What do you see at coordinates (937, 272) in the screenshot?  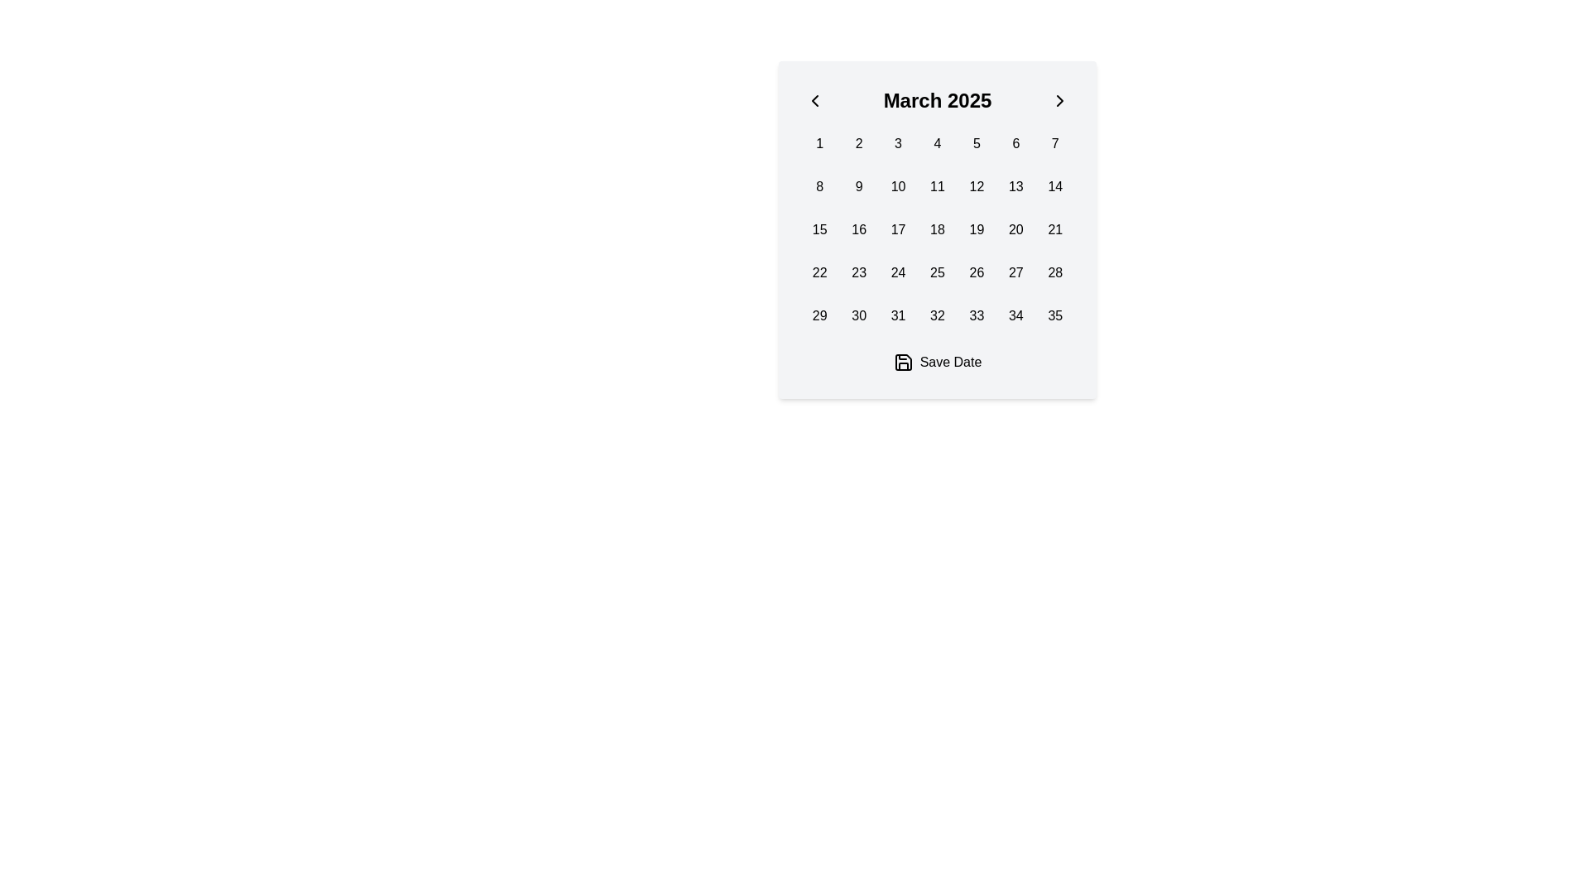 I see `the button for the 25th day in the calendar grid of March 2025` at bounding box center [937, 272].